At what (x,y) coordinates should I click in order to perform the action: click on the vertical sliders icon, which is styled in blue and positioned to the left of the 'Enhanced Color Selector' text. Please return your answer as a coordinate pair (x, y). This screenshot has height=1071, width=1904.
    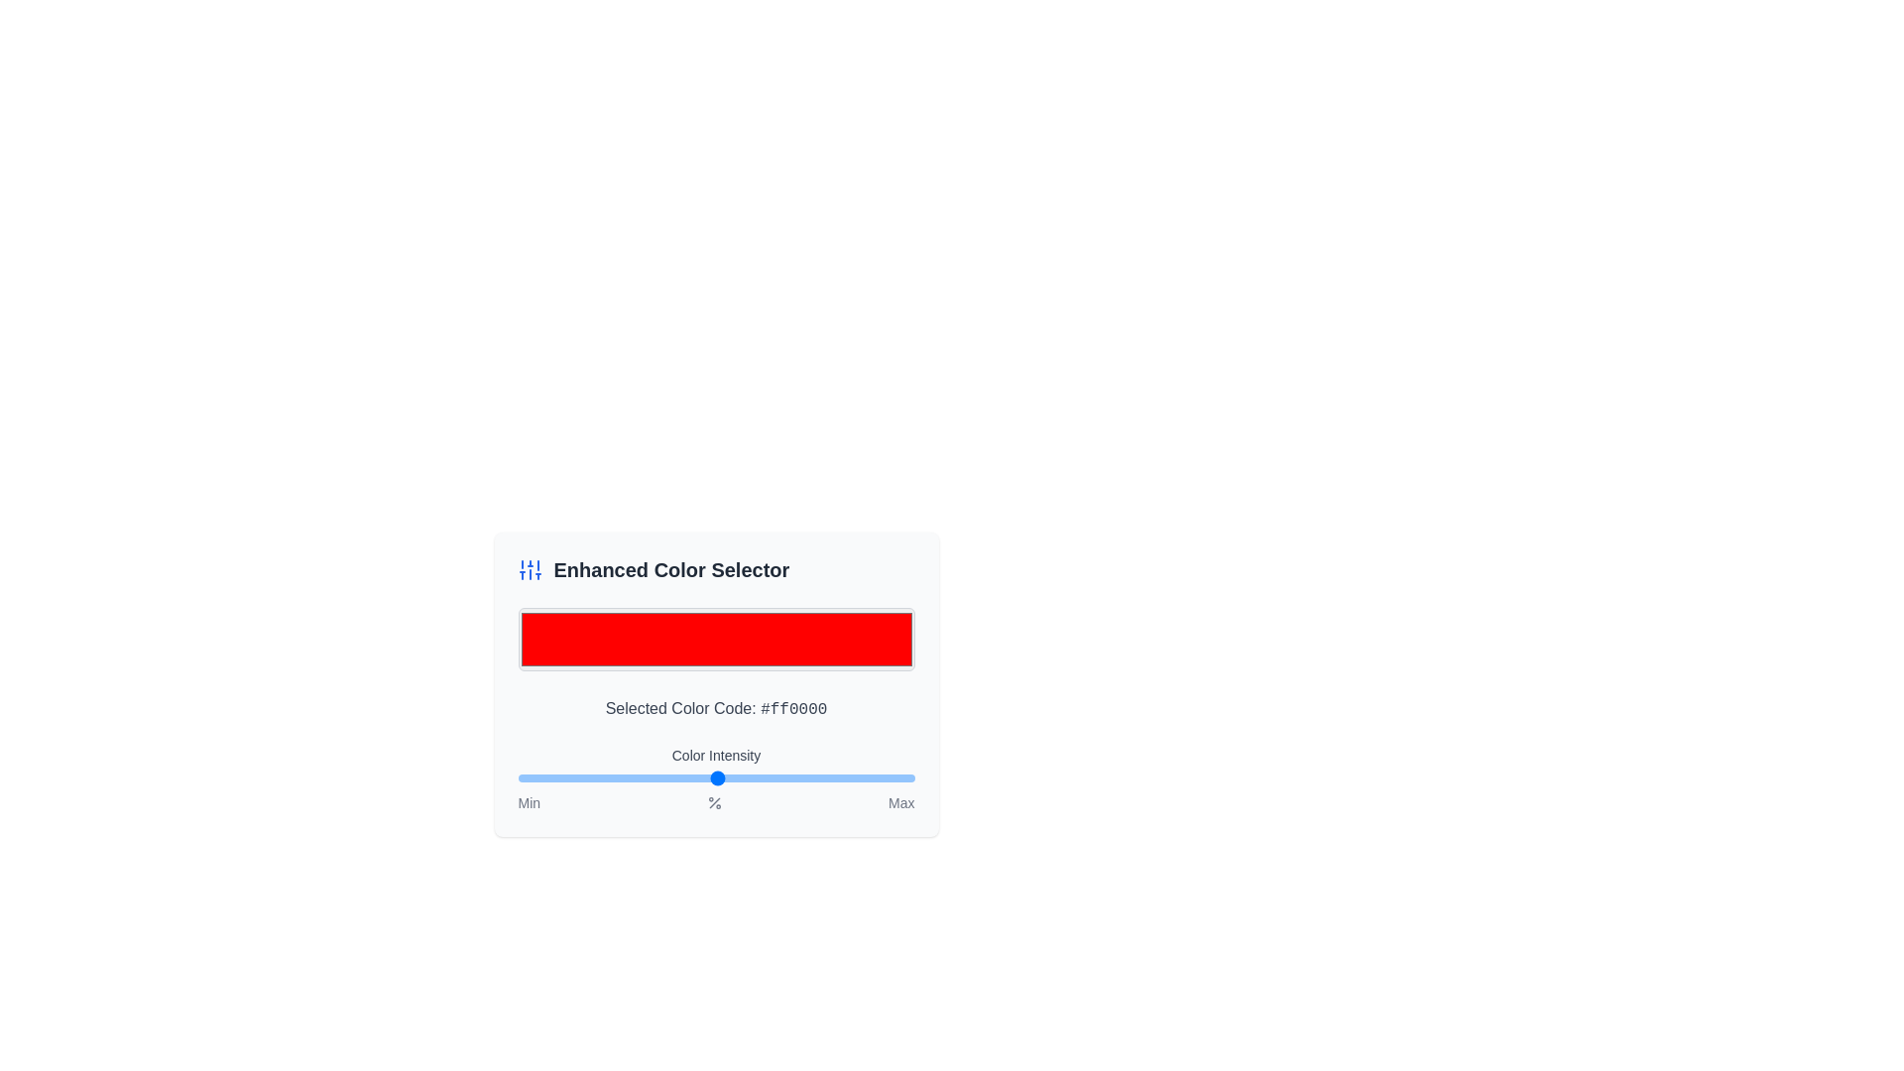
    Looking at the image, I should click on (530, 569).